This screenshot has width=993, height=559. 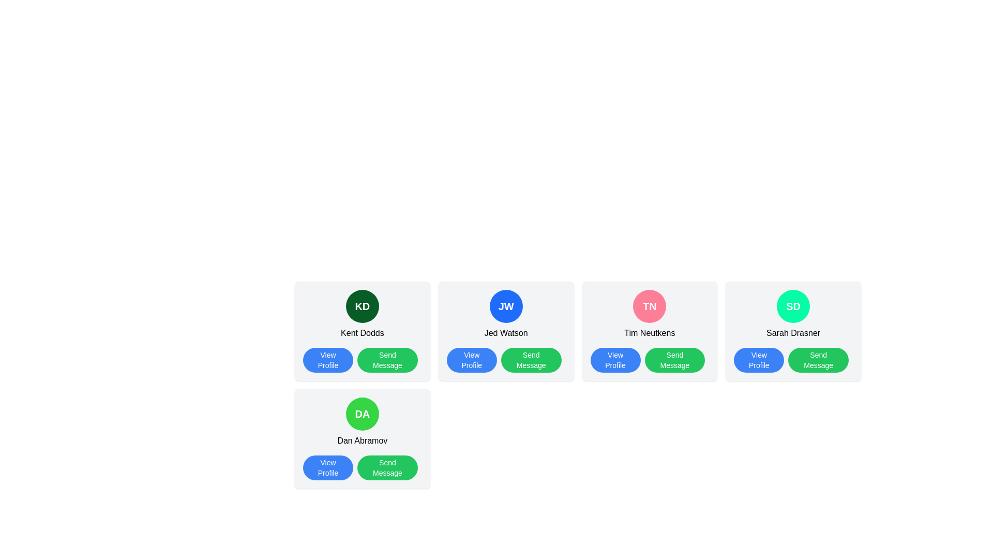 I want to click on the text element styled as part of a circular avatar representing the initials 'JW', so click(x=506, y=305).